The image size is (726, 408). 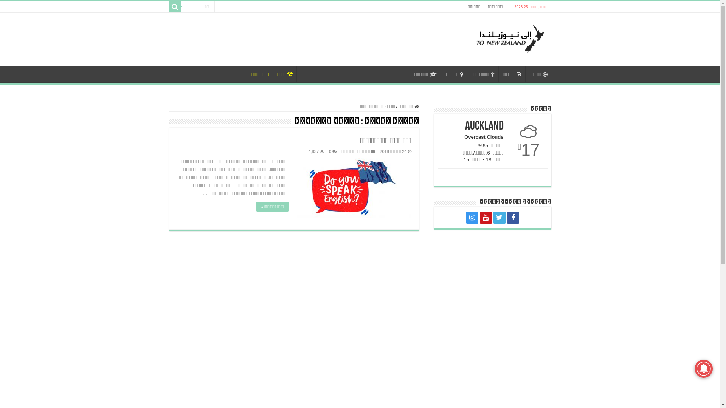 I want to click on 'Youtube', so click(x=485, y=217).